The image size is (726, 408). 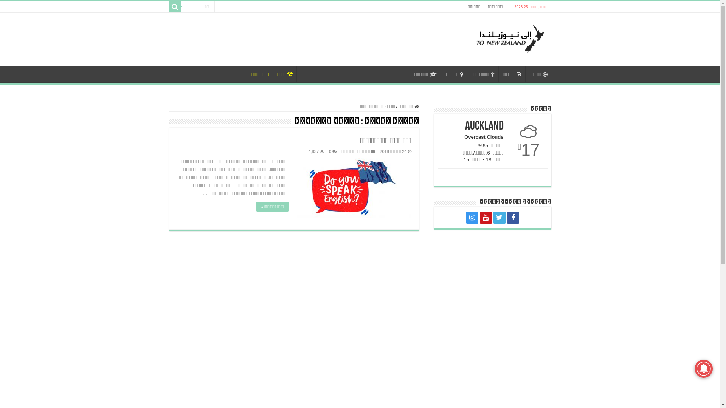 I want to click on 'Youtube', so click(x=485, y=217).